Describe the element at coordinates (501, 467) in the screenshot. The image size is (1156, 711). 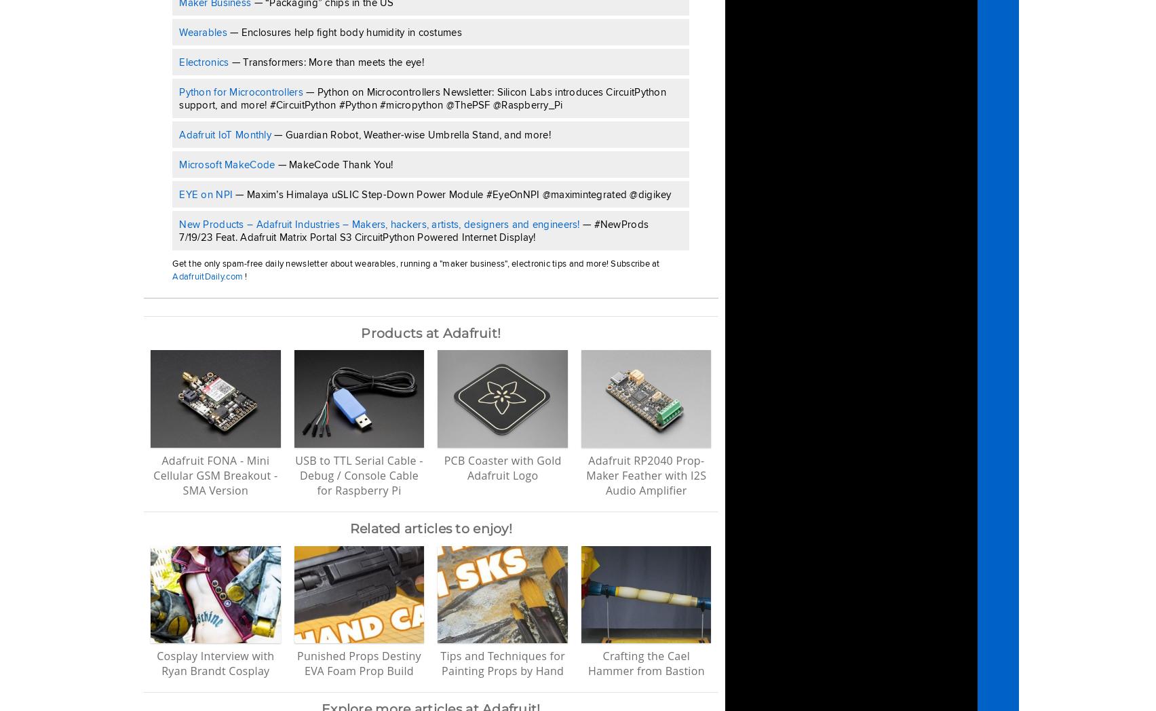
I see `'PCB Coaster with Gold Adafruit Logo'` at that location.